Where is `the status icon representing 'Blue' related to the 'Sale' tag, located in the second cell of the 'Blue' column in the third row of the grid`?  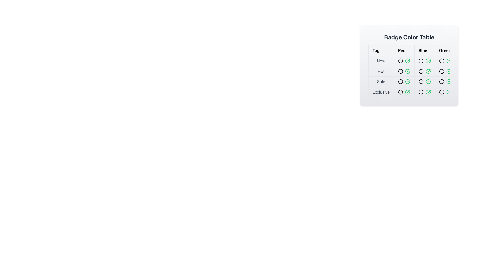 the status icon representing 'Blue' related to the 'Sale' tag, located in the second cell of the 'Blue' column in the third row of the grid is located at coordinates (424, 81).